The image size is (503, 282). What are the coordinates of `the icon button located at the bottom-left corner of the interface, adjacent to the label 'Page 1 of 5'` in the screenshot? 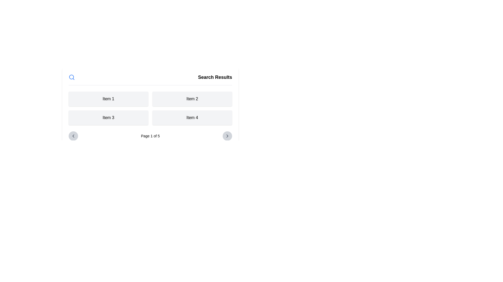 It's located at (73, 136).